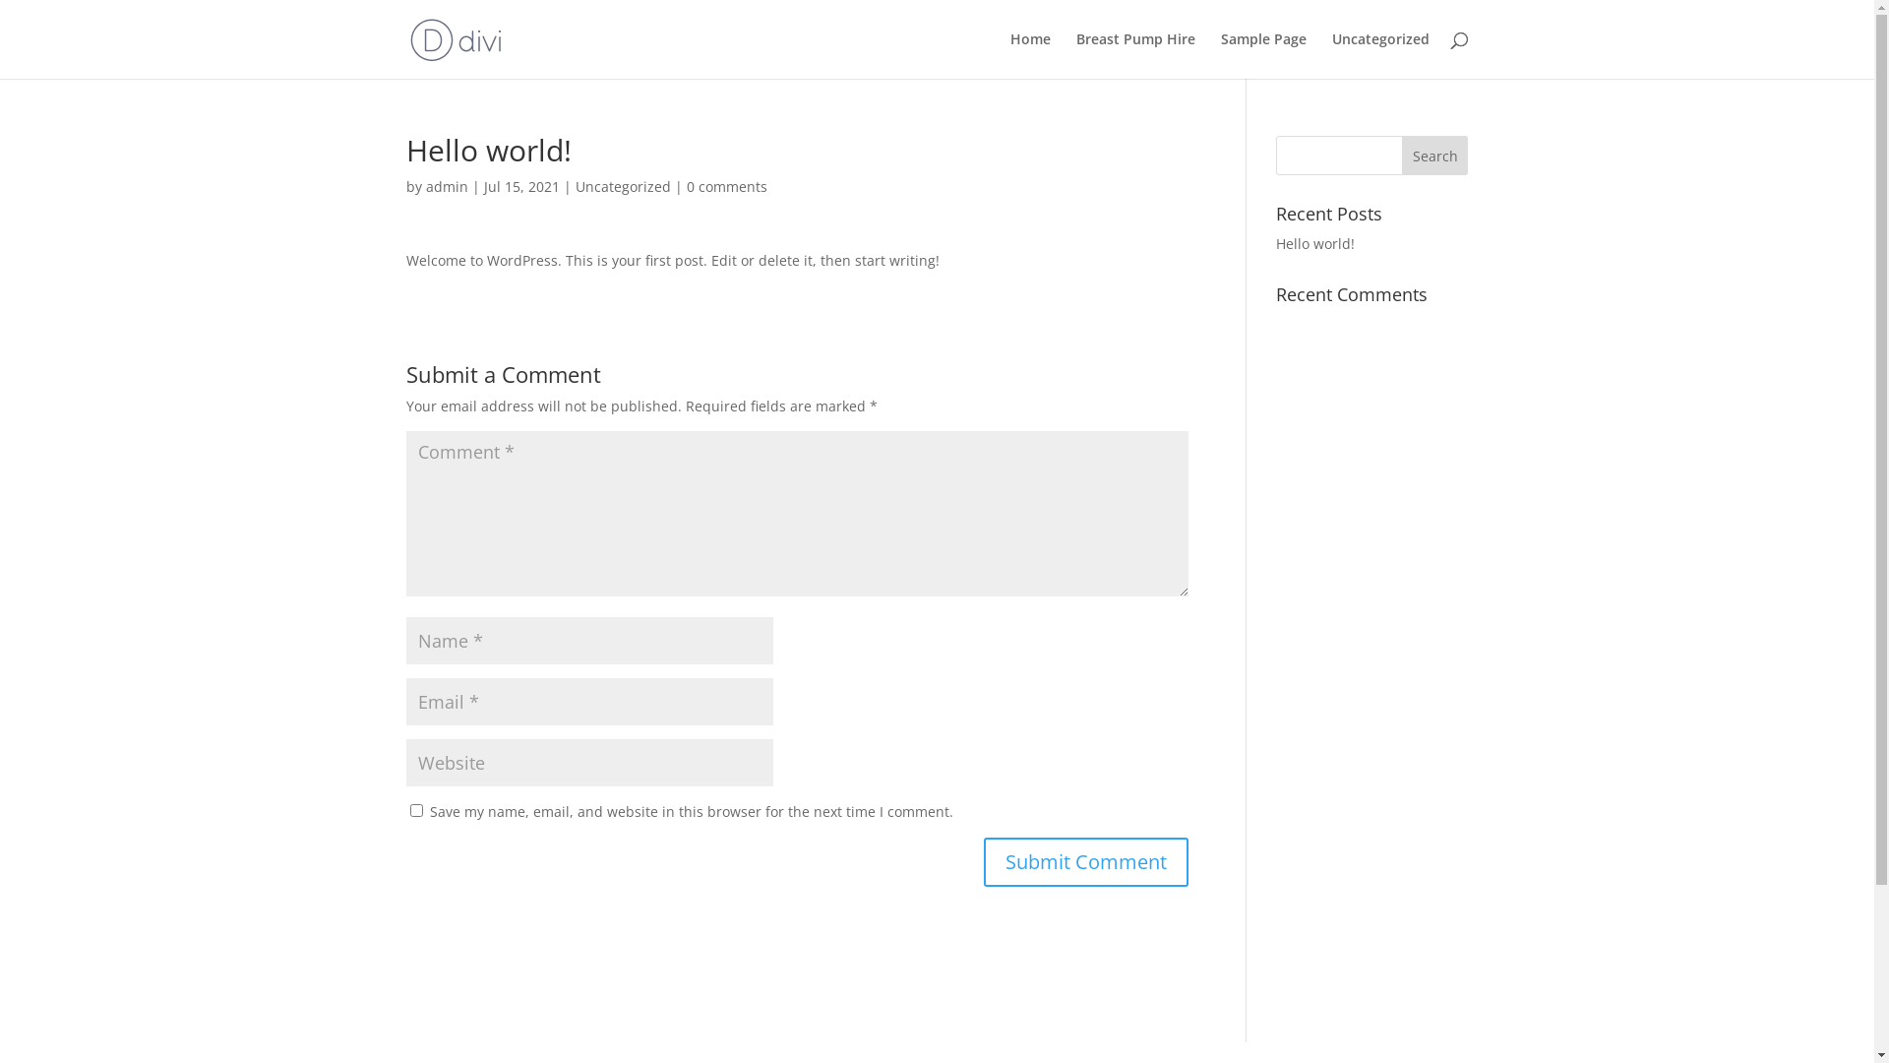 This screenshot has width=1889, height=1063. Describe the element at coordinates (1379, 54) in the screenshot. I see `'Uncategorized'` at that location.